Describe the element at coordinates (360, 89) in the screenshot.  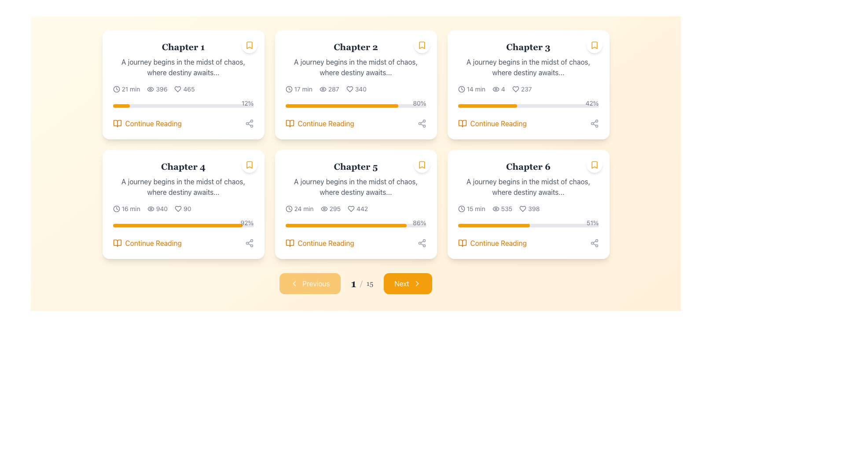
I see `numeric value displayed in the text label indicating the count of likes (340) associated with the heart icon in the second column of the 3-column grid, specifically within the card corresponding to 'Chapter 2'` at that location.